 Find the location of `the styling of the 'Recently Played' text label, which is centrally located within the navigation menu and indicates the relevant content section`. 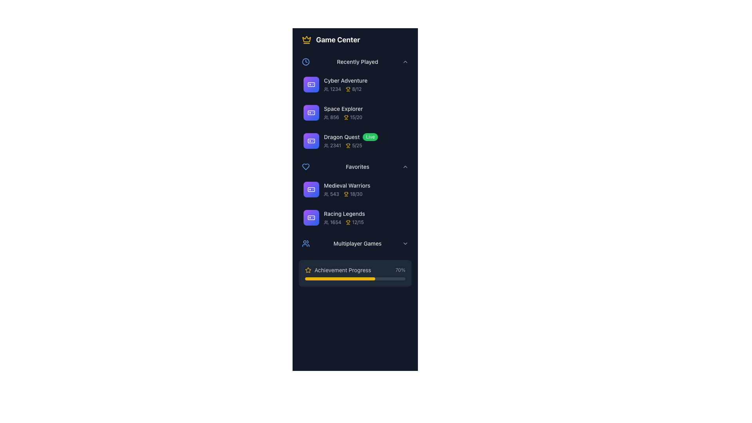

the styling of the 'Recently Played' text label, which is centrally located within the navigation menu and indicates the relevant content section is located at coordinates (357, 61).